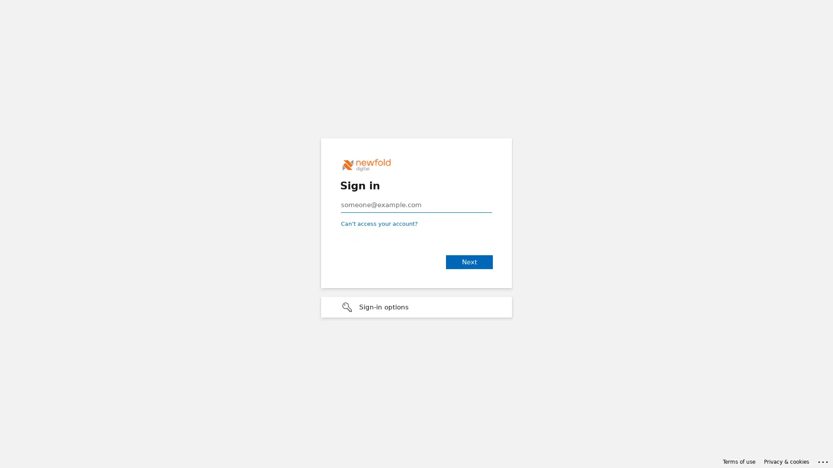  I want to click on Sign-in options, so click(416, 307).